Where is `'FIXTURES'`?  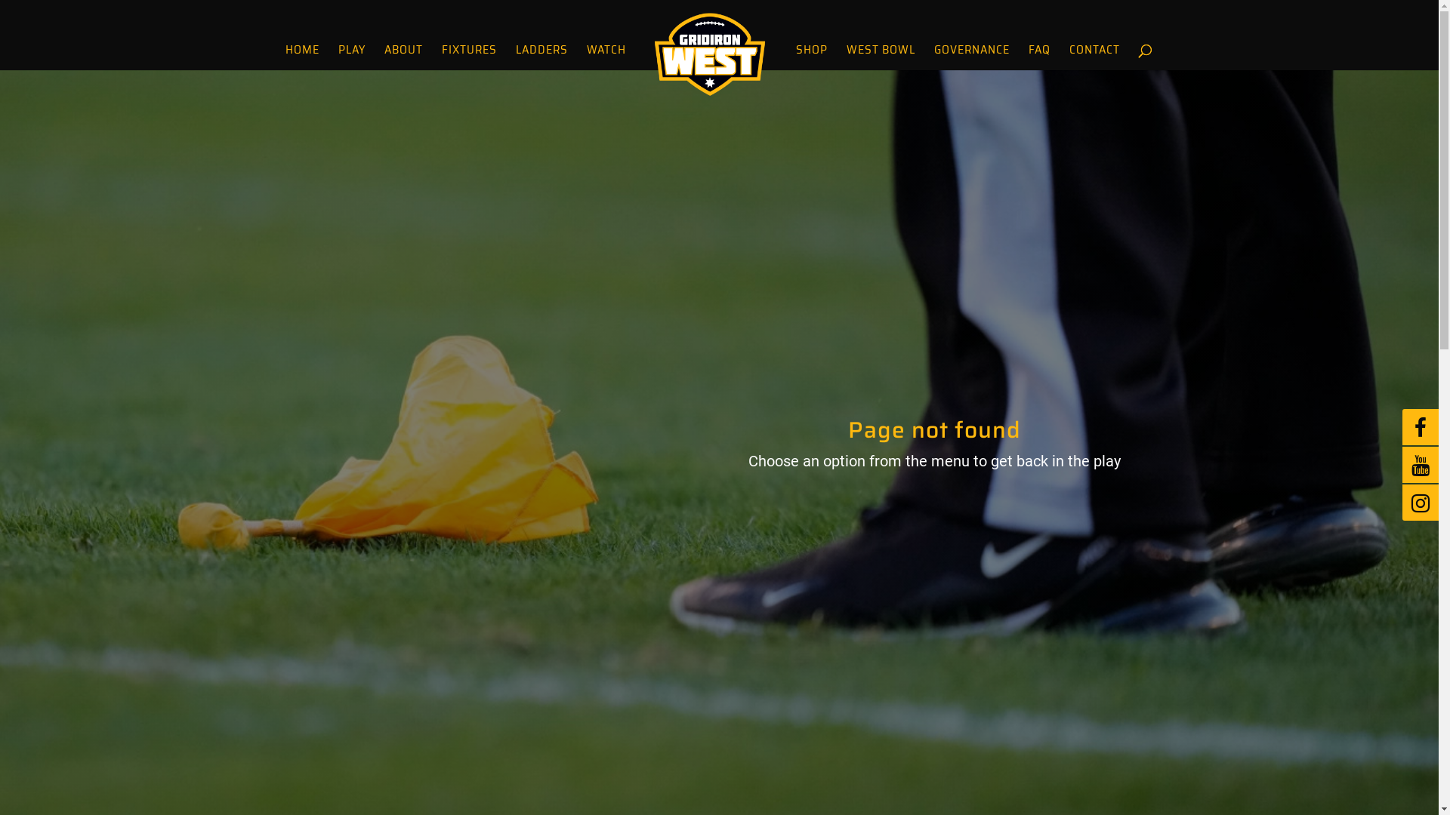 'FIXTURES' is located at coordinates (440, 57).